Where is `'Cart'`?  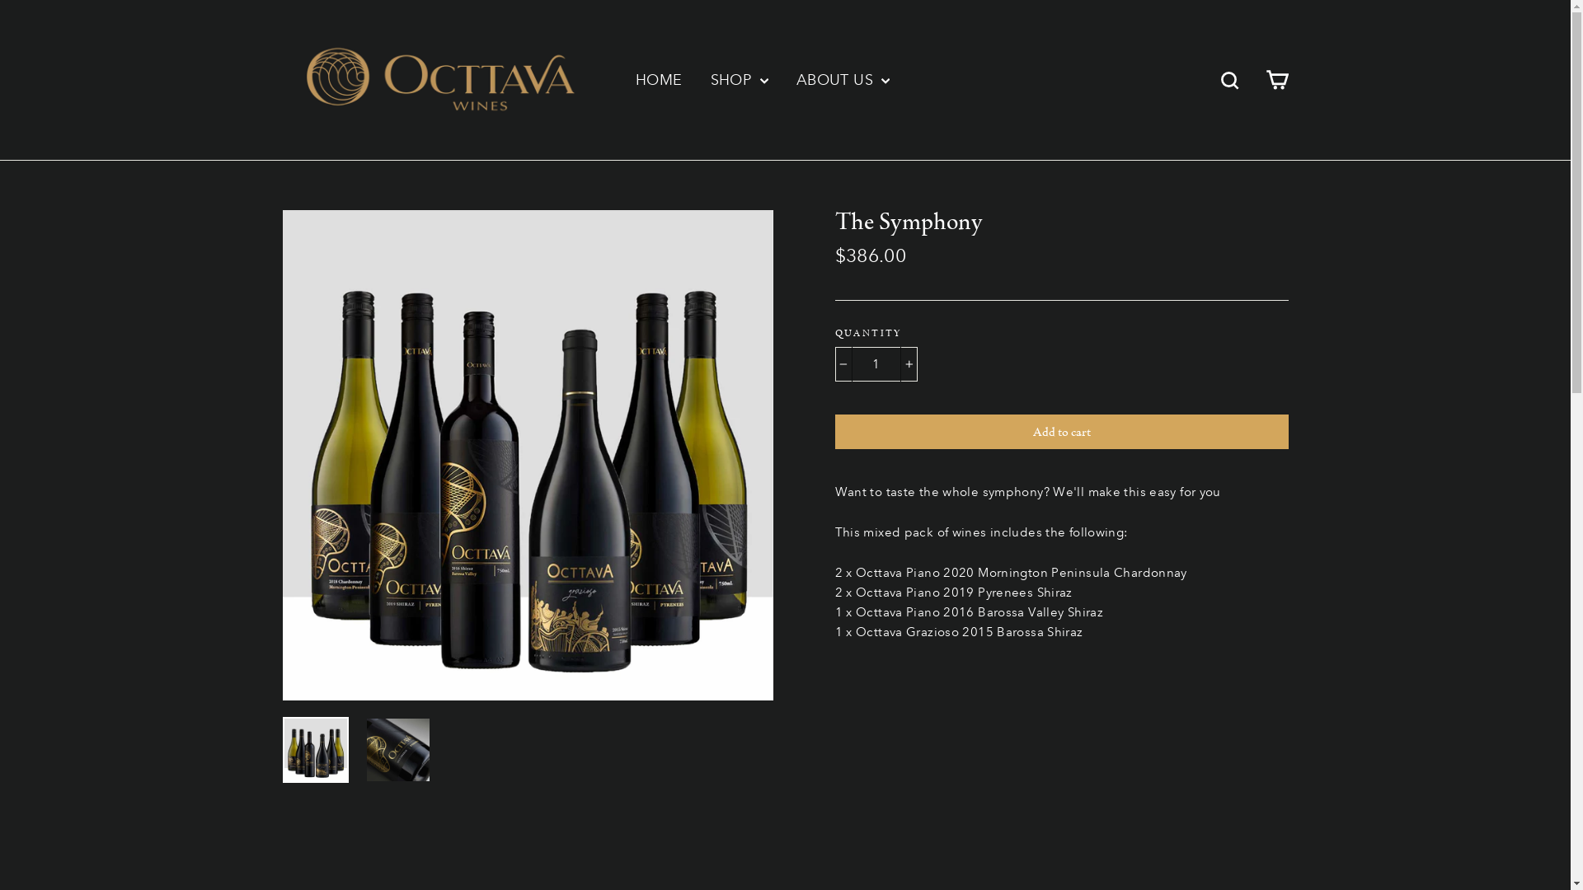
'Cart' is located at coordinates (1275, 79).